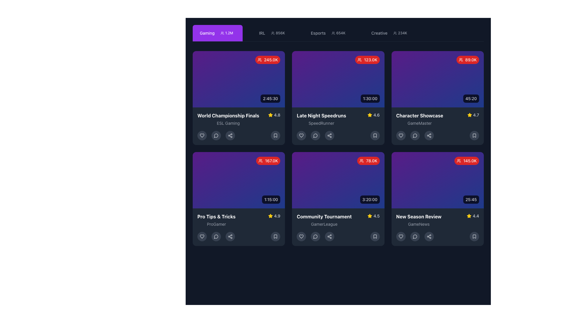  Describe the element at coordinates (226, 33) in the screenshot. I see `the Informative badge displaying '1.2M' next to the 'Gaming' label in the top navigation bar` at that location.